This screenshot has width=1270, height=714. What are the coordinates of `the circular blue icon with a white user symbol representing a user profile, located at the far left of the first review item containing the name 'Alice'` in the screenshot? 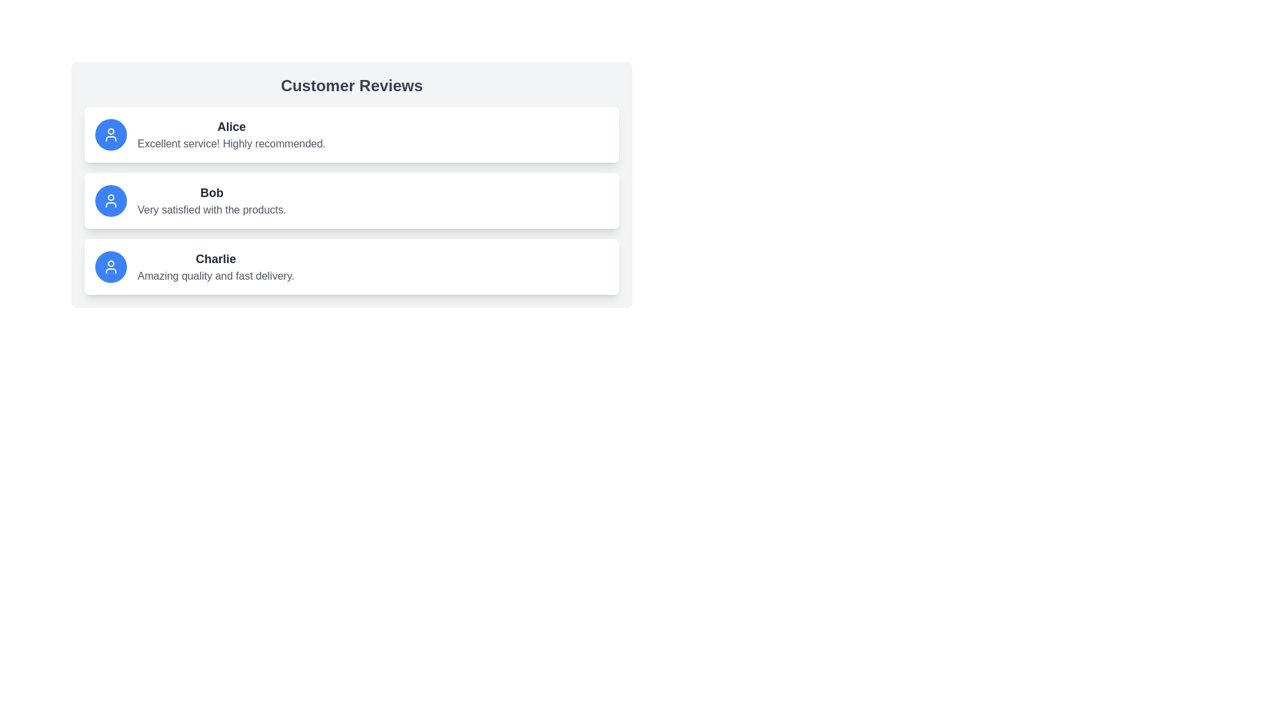 It's located at (111, 135).